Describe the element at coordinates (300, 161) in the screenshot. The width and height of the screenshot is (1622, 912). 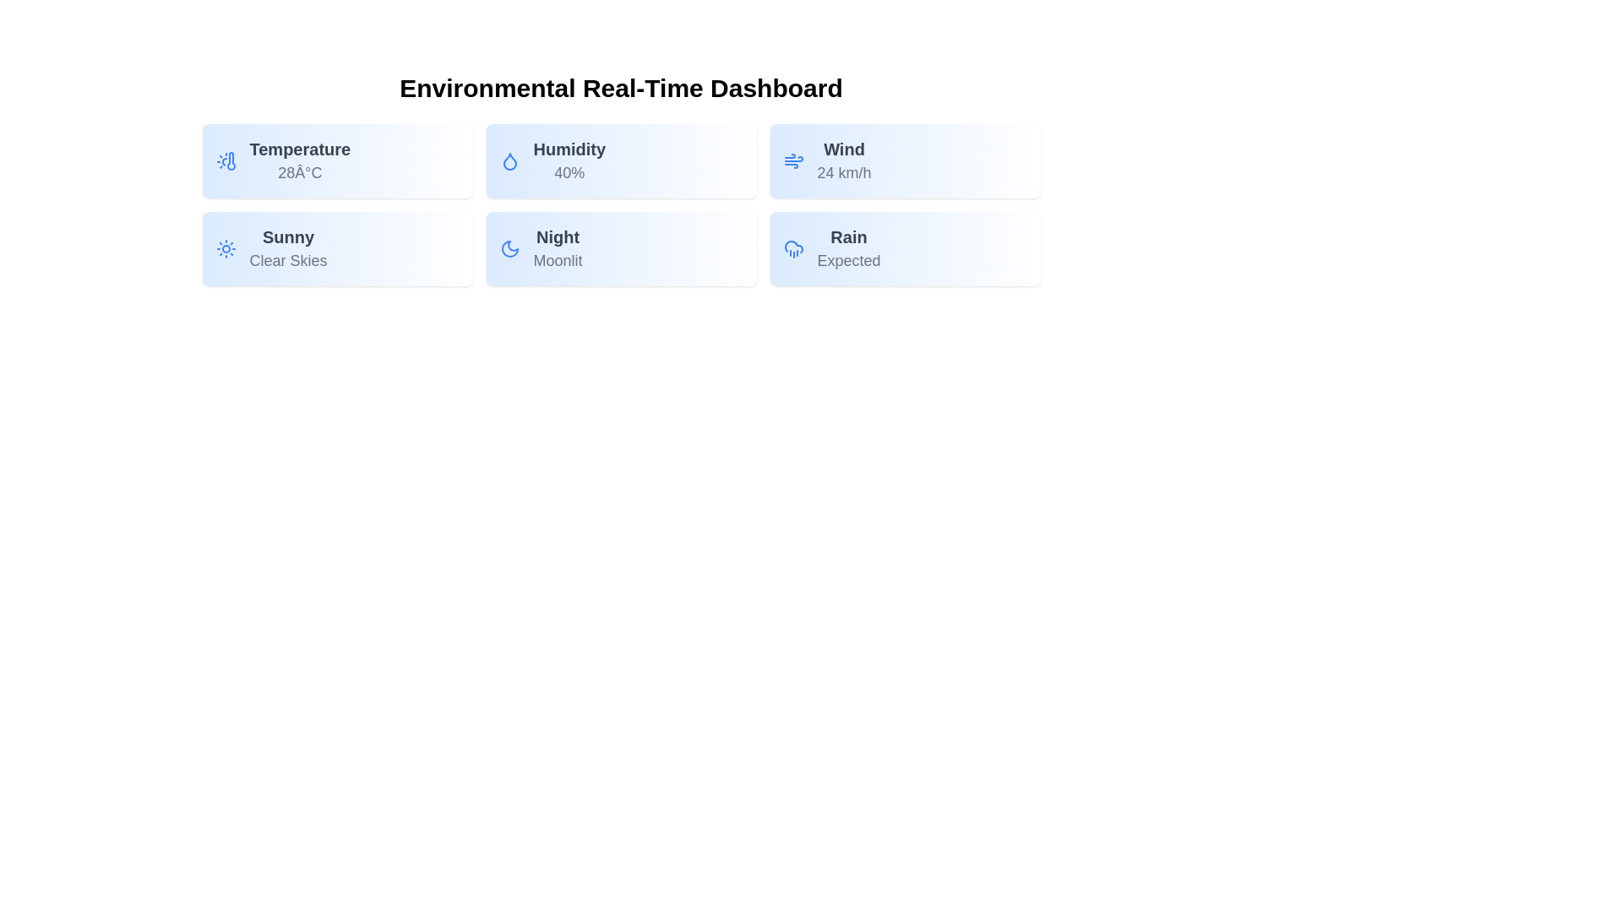
I see `displayed temperature value from the Text block element located in the first card of the top-left corner of the 2x3 grid layout` at that location.